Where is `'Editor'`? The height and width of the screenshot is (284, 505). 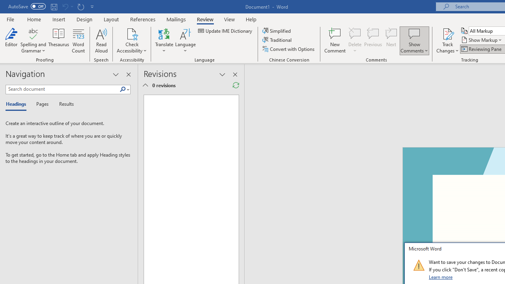
'Editor' is located at coordinates (11, 41).